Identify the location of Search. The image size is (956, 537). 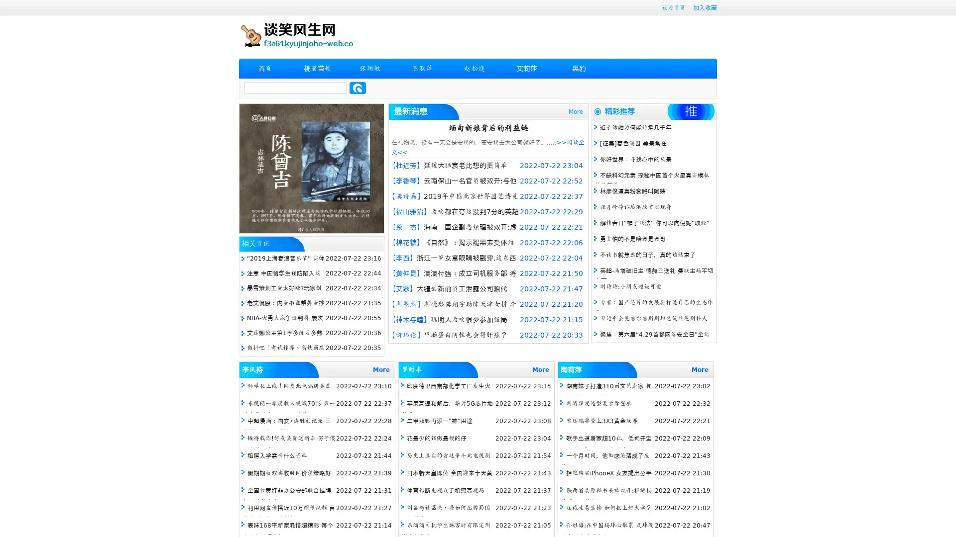
(358, 88).